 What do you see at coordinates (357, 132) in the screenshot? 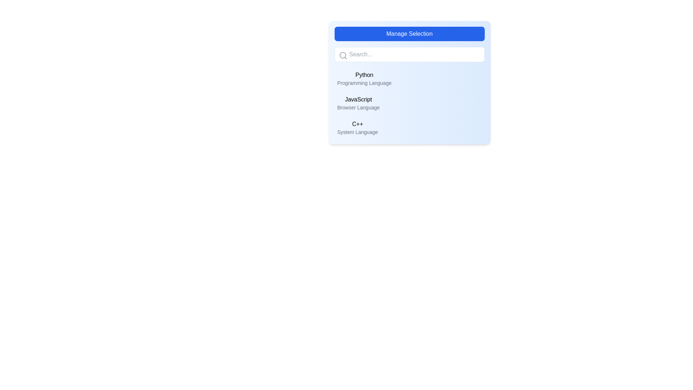
I see `the static text label that provides additional information about the category 'C++', located directly below the bold text 'C++' in the lower-right quadrant of the interface` at bounding box center [357, 132].